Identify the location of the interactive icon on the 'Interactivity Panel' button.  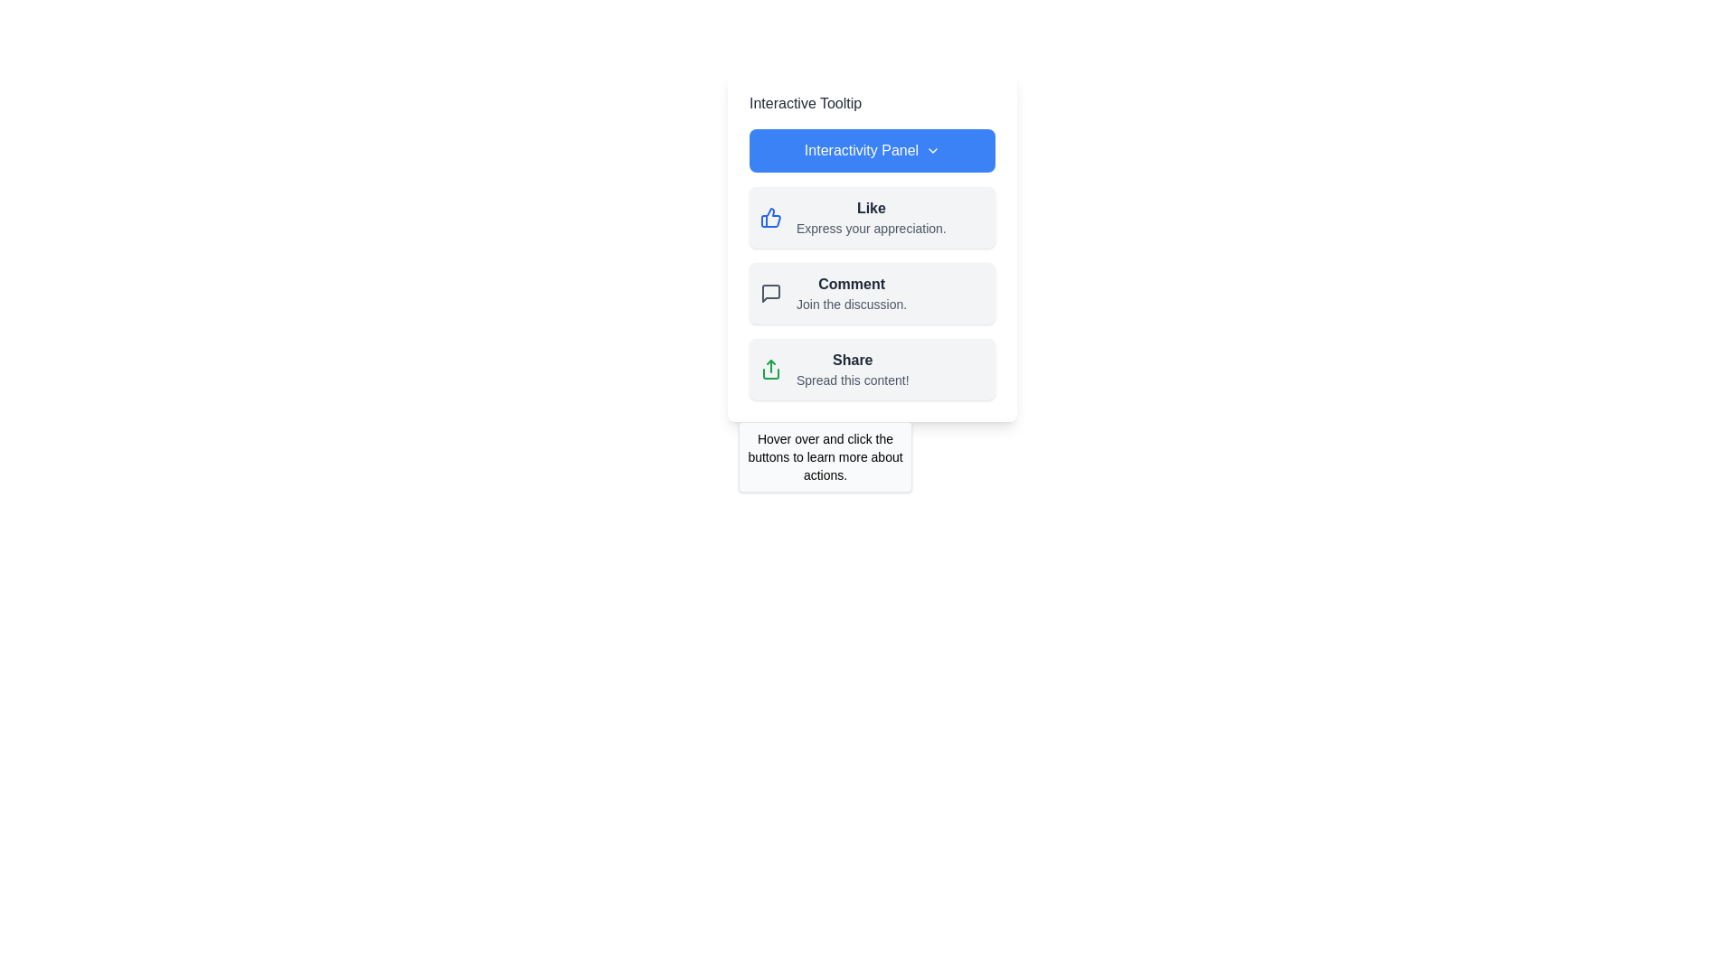
(933, 149).